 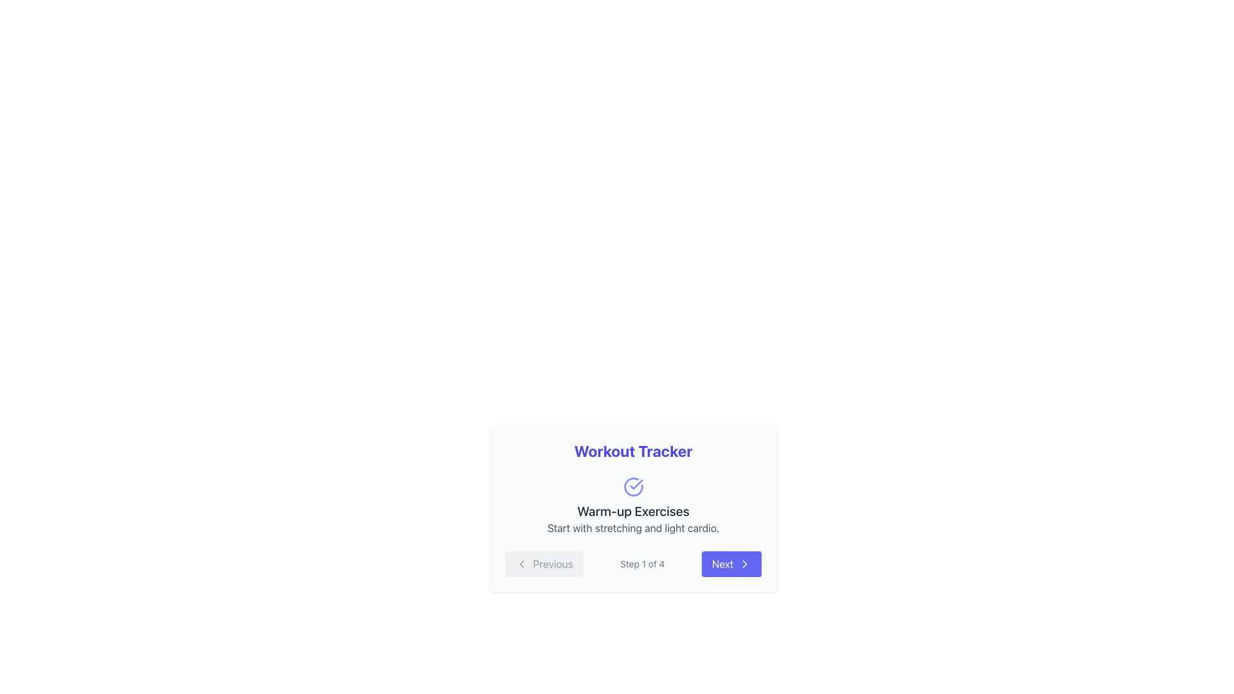 What do you see at coordinates (744, 564) in the screenshot?
I see `the 'Next' button by clicking the chevron icon that indicates progression, located at the right end of the button` at bounding box center [744, 564].